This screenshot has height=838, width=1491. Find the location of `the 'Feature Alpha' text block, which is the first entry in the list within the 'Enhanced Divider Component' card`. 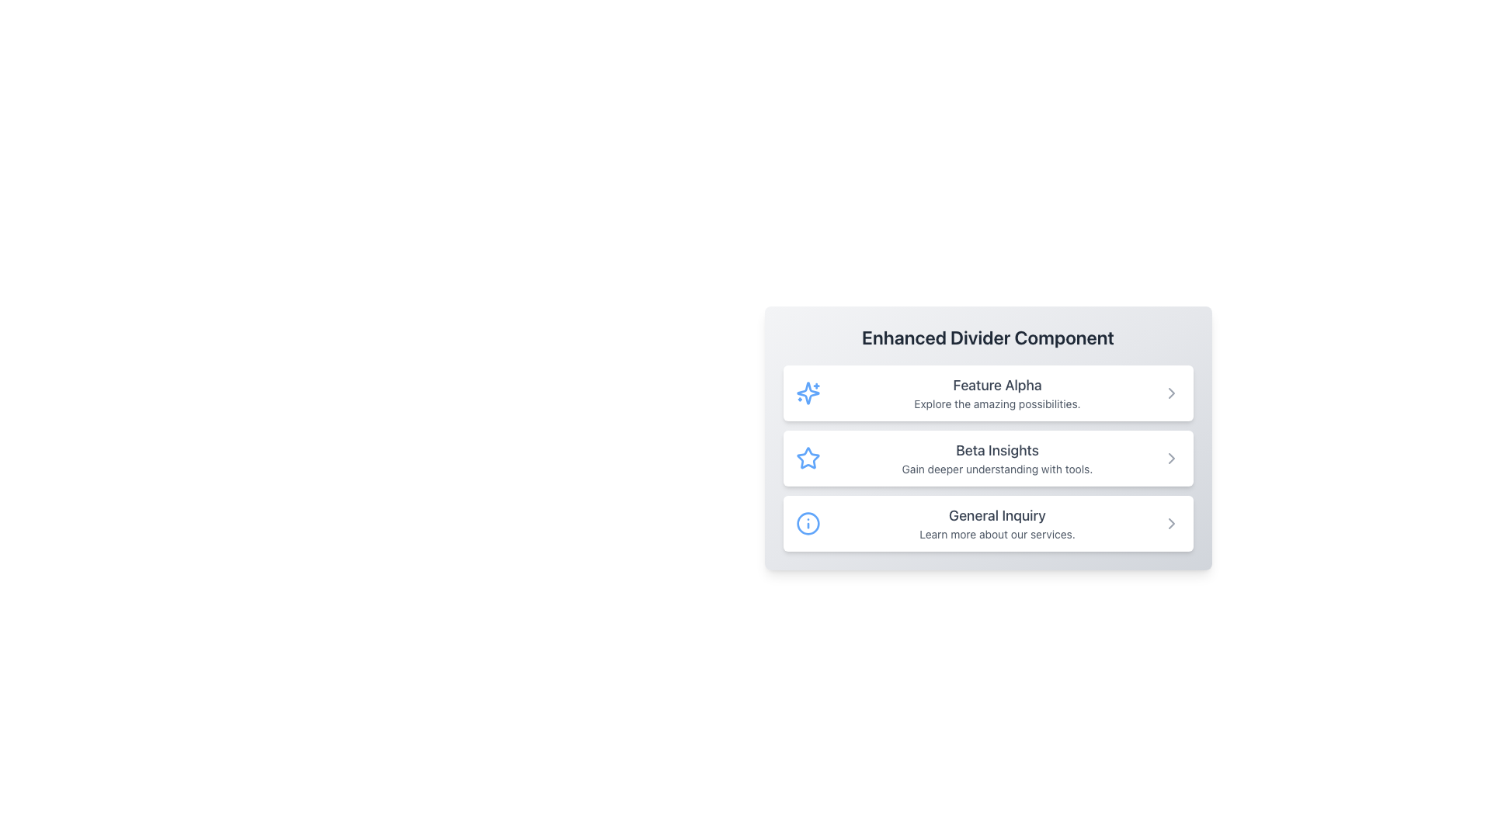

the 'Feature Alpha' text block, which is the first entry in the list within the 'Enhanced Divider Component' card is located at coordinates (997, 392).